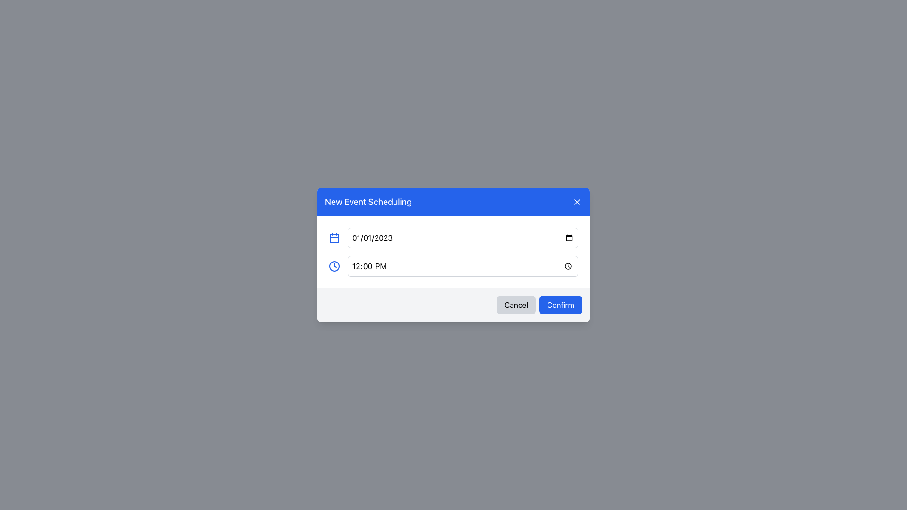 This screenshot has height=510, width=907. Describe the element at coordinates (577, 202) in the screenshot. I see `the close button icon shaped like an 'X' located in the top-right corner of the blue header bar with the text 'New Event Scheduling'` at that location.